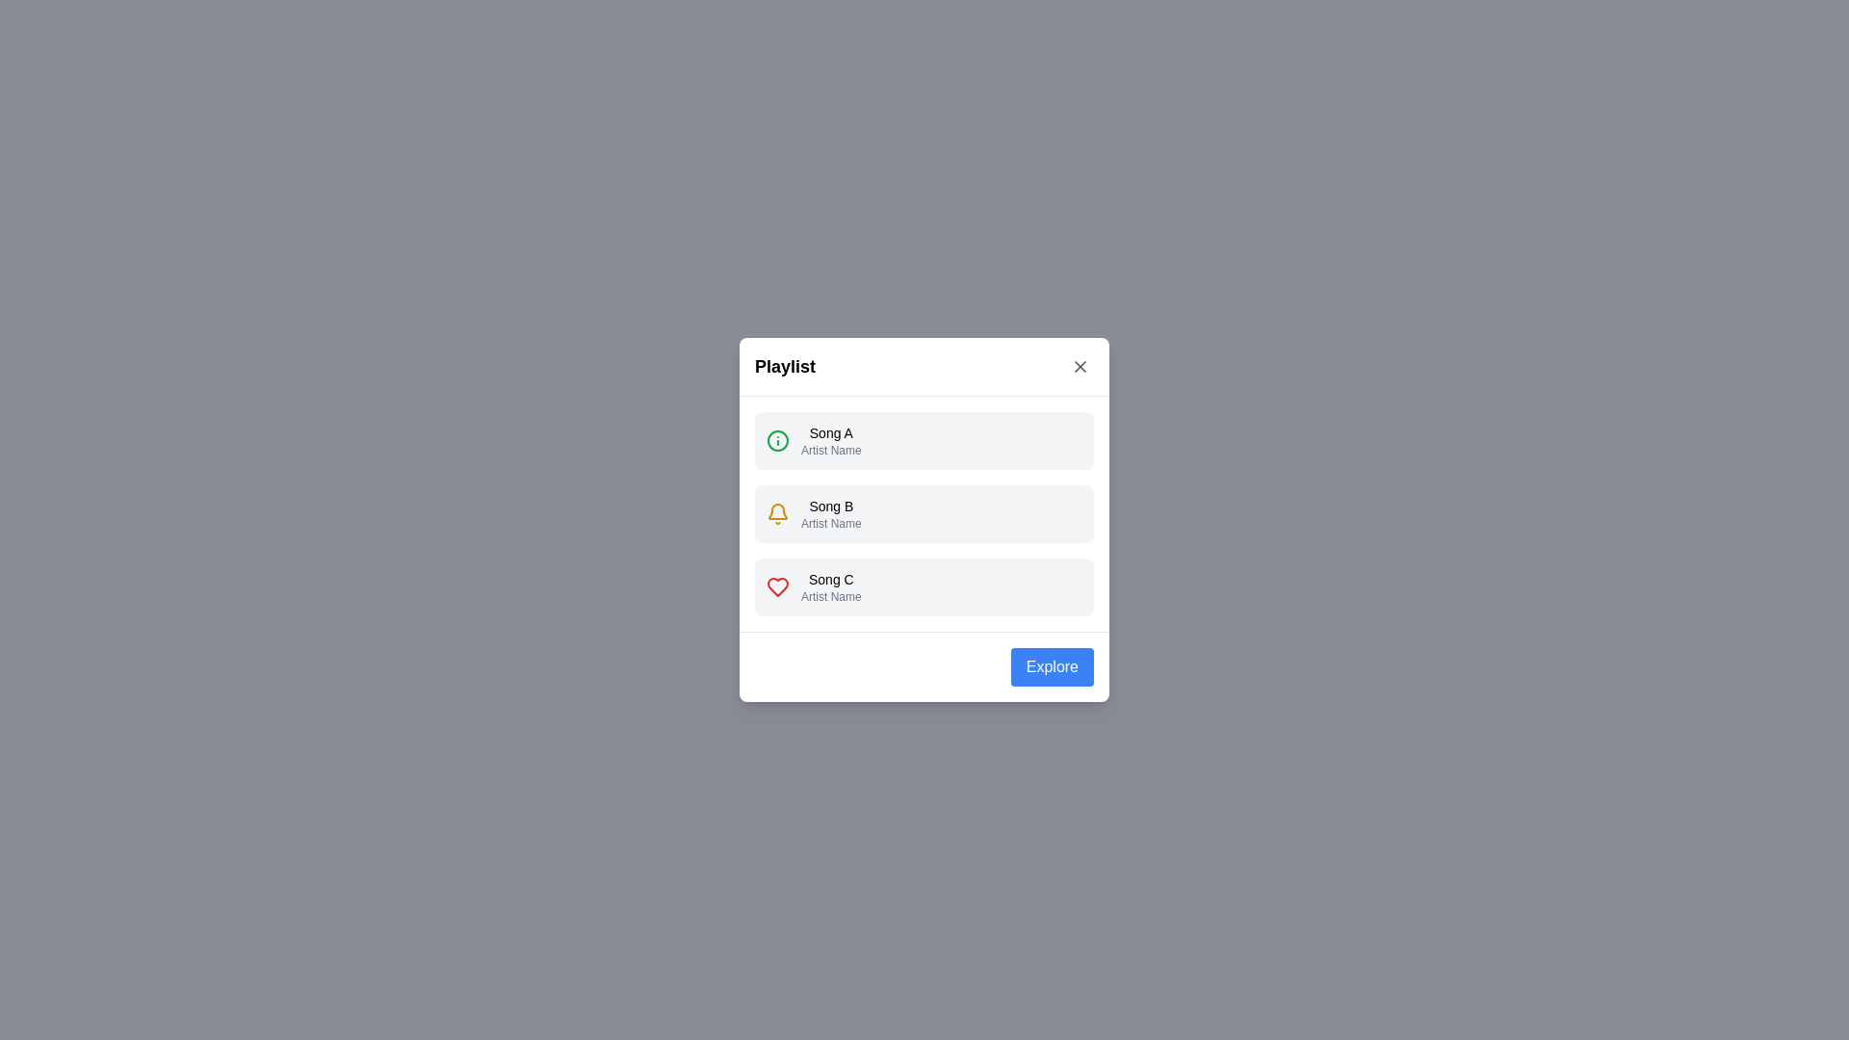 The height and width of the screenshot is (1040, 1849). Describe the element at coordinates (777, 441) in the screenshot. I see `the decorative or informative icon indicating additional information about 'Song A', which is positioned to the left of the text 'Song A' and 'Artist Name'` at that location.